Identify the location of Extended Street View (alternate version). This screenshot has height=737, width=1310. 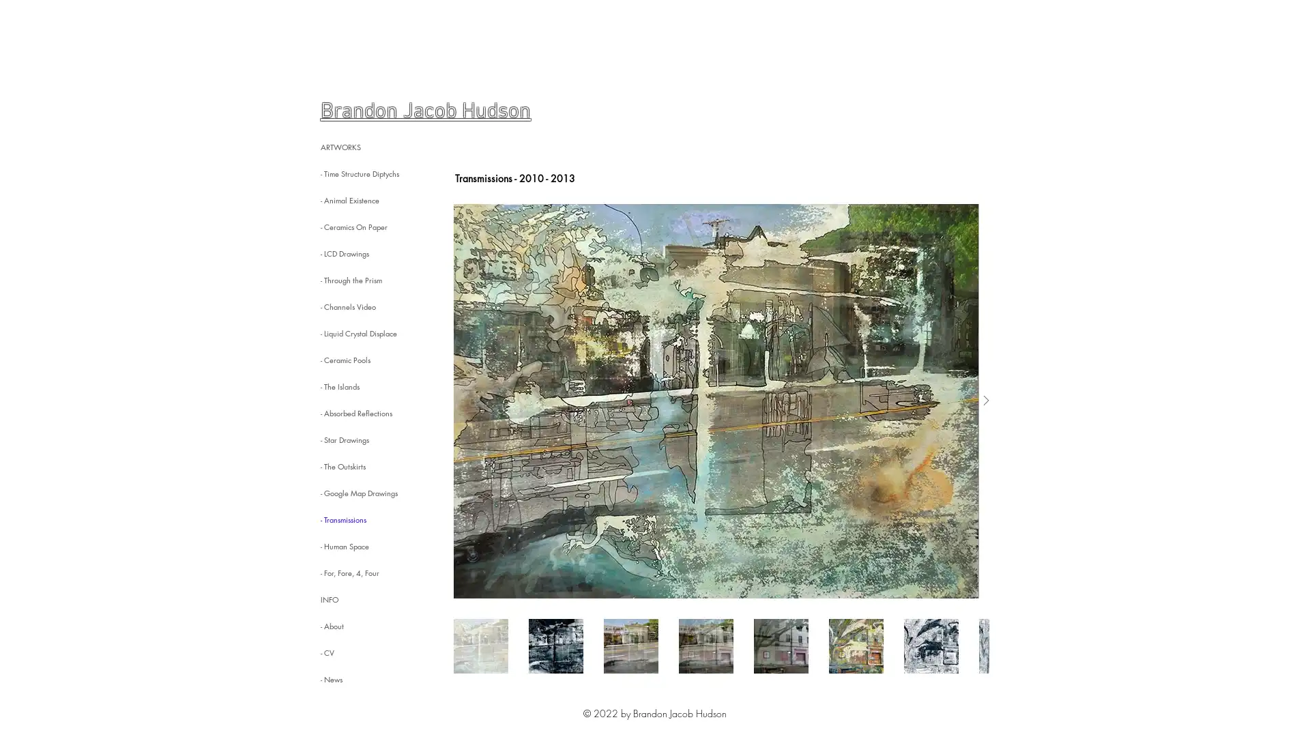
(716, 400).